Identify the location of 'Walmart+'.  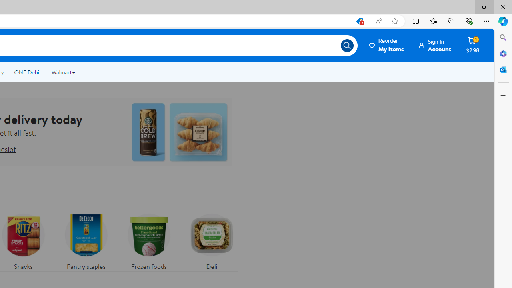
(63, 72).